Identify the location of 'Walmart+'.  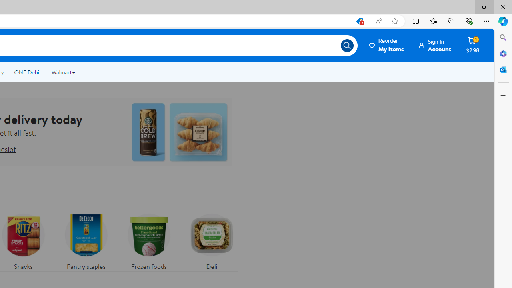
(63, 72).